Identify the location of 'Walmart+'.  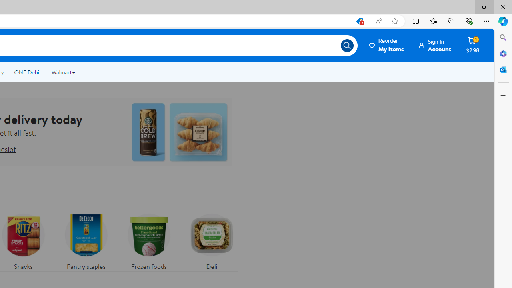
(63, 72).